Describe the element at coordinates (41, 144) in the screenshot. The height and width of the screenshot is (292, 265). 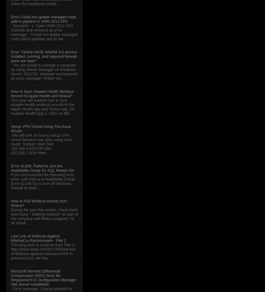
I see `'We will look on how to setup VPN tunnel between two sites using Asus router. Subnet: Main Site: 192.168.0.0/24 DR Site: 192.168.1.0/24 Here...'` at that location.